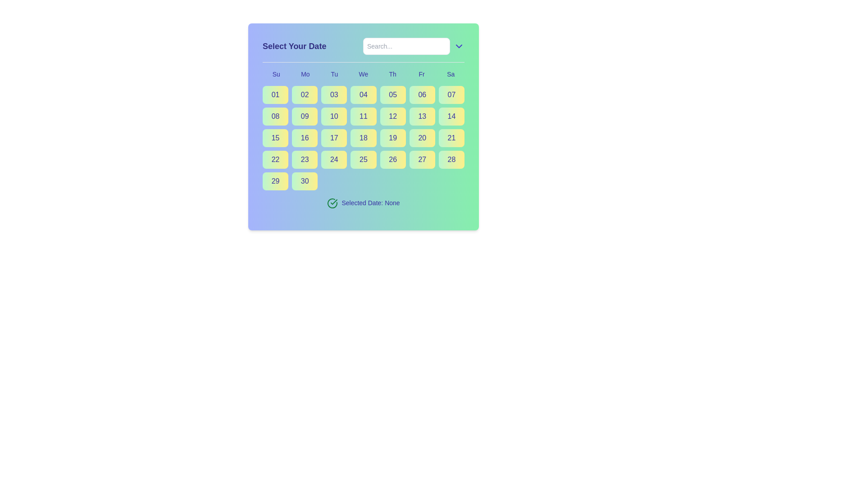  What do you see at coordinates (332, 203) in the screenshot?
I see `the circular green icon with a checkmark that indicates the selection status, located to the left of the text 'Selected Date: None'` at bounding box center [332, 203].